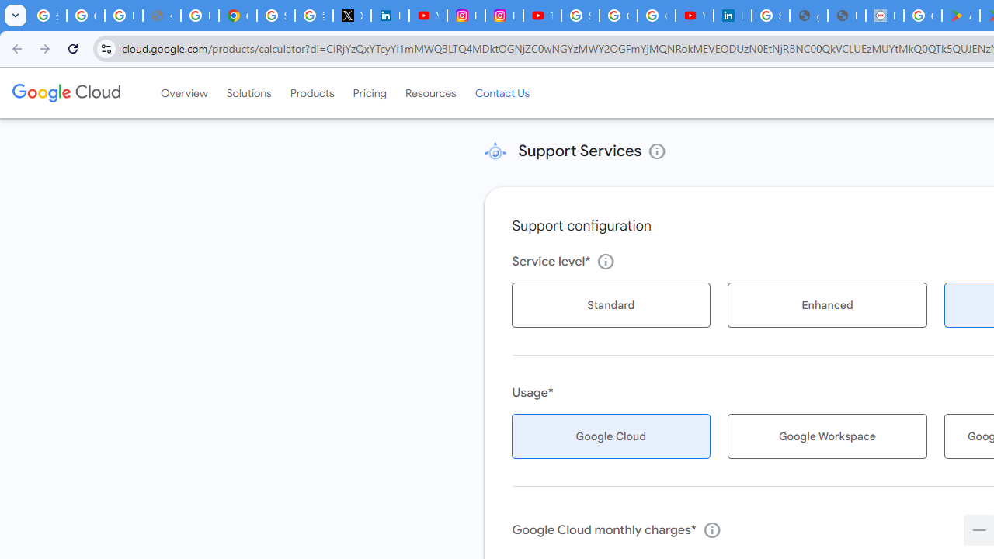  What do you see at coordinates (430, 92) in the screenshot?
I see `'Resources'` at bounding box center [430, 92].